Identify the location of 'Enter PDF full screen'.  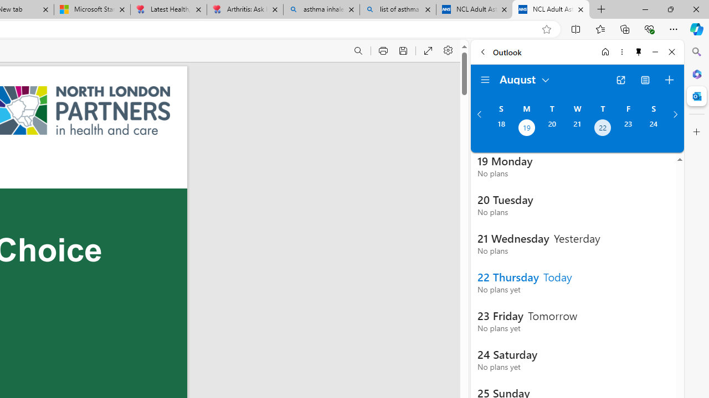
(428, 51).